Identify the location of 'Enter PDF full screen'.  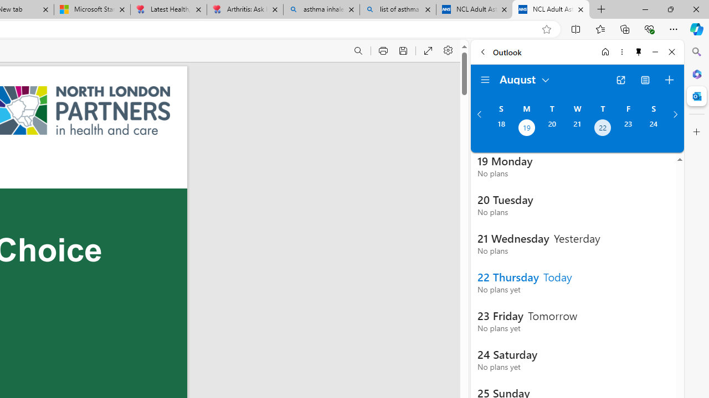
(428, 51).